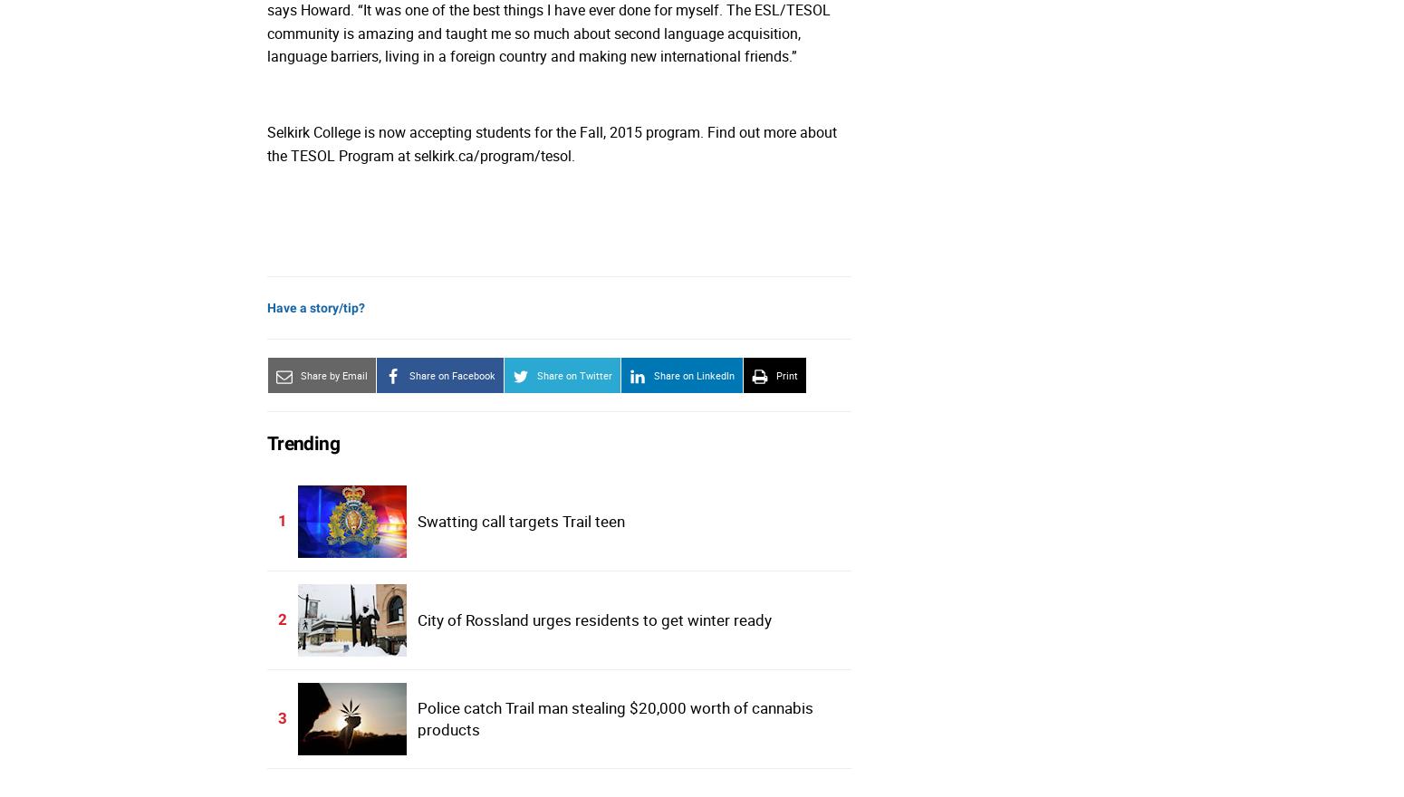 This screenshot has width=1404, height=797. What do you see at coordinates (333, 375) in the screenshot?
I see `'Share by Email'` at bounding box center [333, 375].